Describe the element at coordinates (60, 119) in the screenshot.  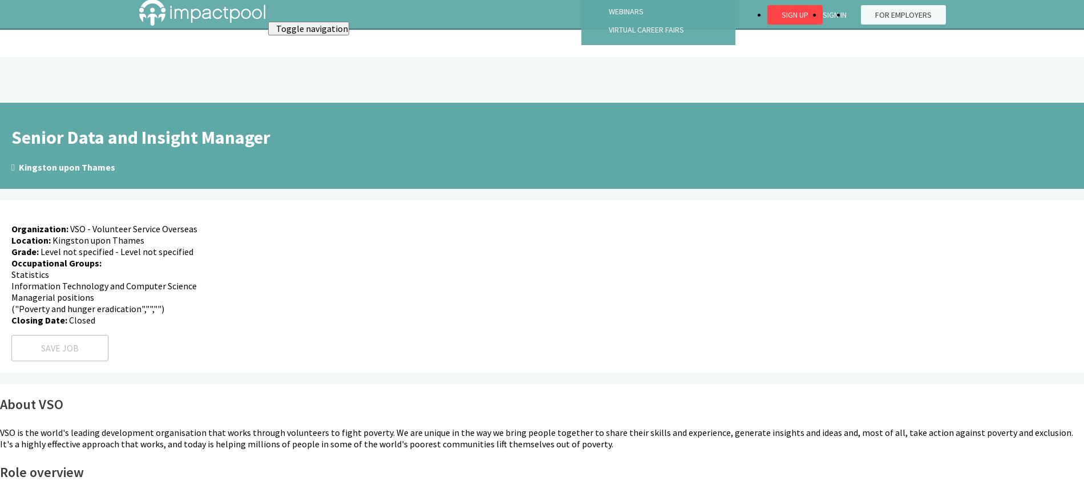
I see `'Closing 1st of January'` at that location.